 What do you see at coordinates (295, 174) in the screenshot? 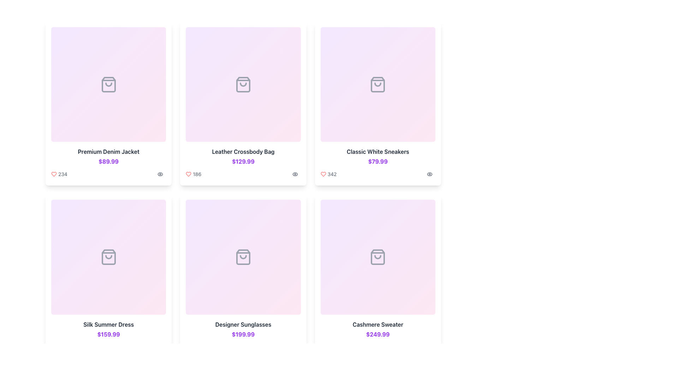
I see `the eye icon located in the bottom-right corner of the product card in the second row, second column of the grid layout` at bounding box center [295, 174].